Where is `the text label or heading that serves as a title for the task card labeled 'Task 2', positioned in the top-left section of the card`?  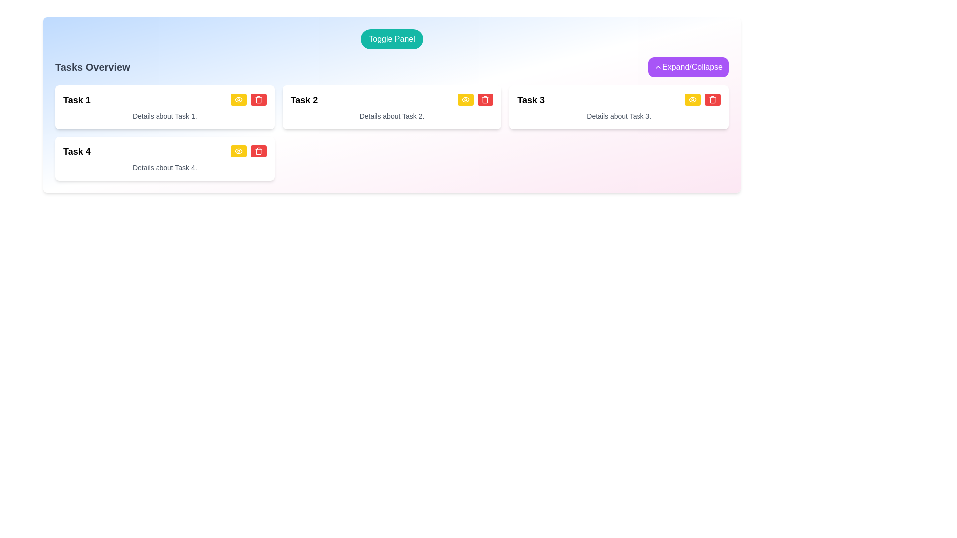
the text label or heading that serves as a title for the task card labeled 'Task 2', positioned in the top-left section of the card is located at coordinates (303, 100).